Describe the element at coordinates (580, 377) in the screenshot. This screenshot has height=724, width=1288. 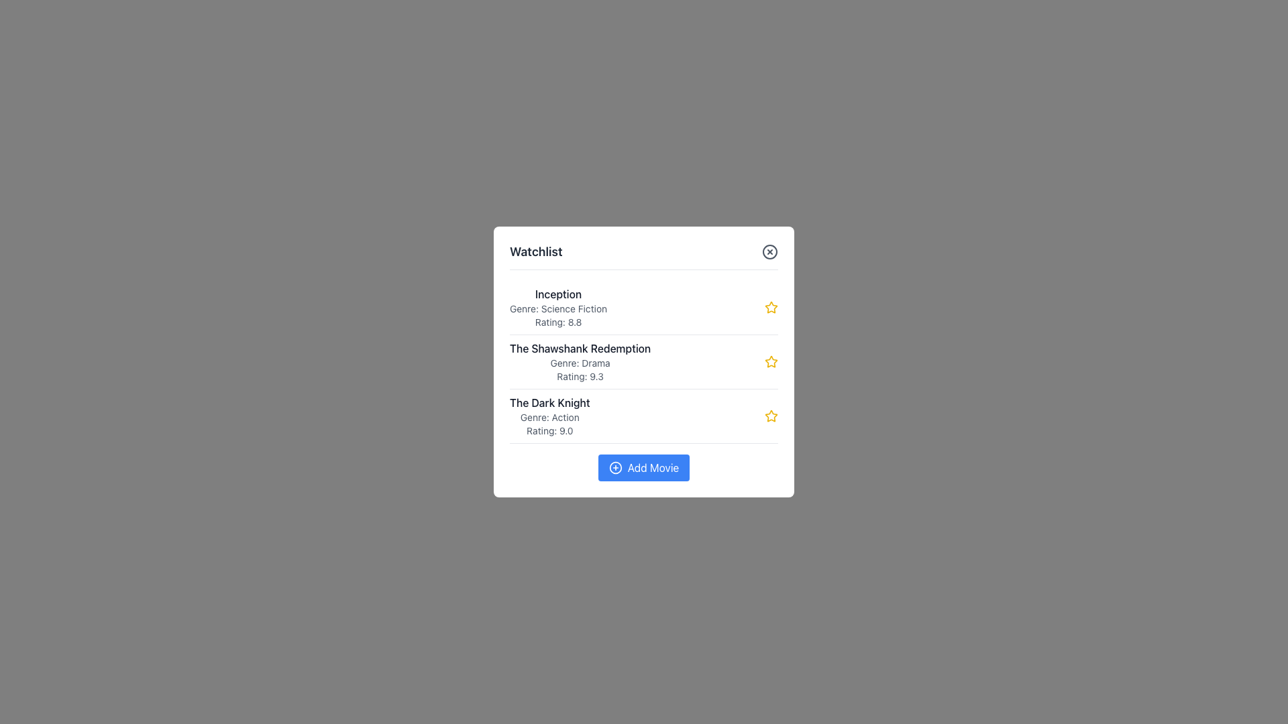
I see `the static text label that informs users about the movie's rating for 'The Shawshank Redemption', located beneath the genre description 'Genre: Drama'` at that location.